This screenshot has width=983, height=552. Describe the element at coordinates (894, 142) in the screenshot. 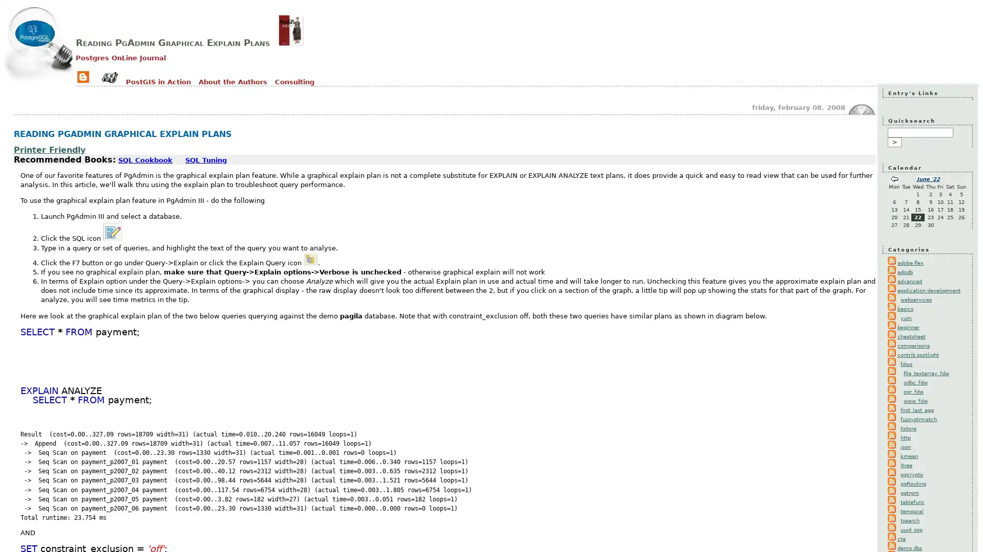

I see `>` at that location.